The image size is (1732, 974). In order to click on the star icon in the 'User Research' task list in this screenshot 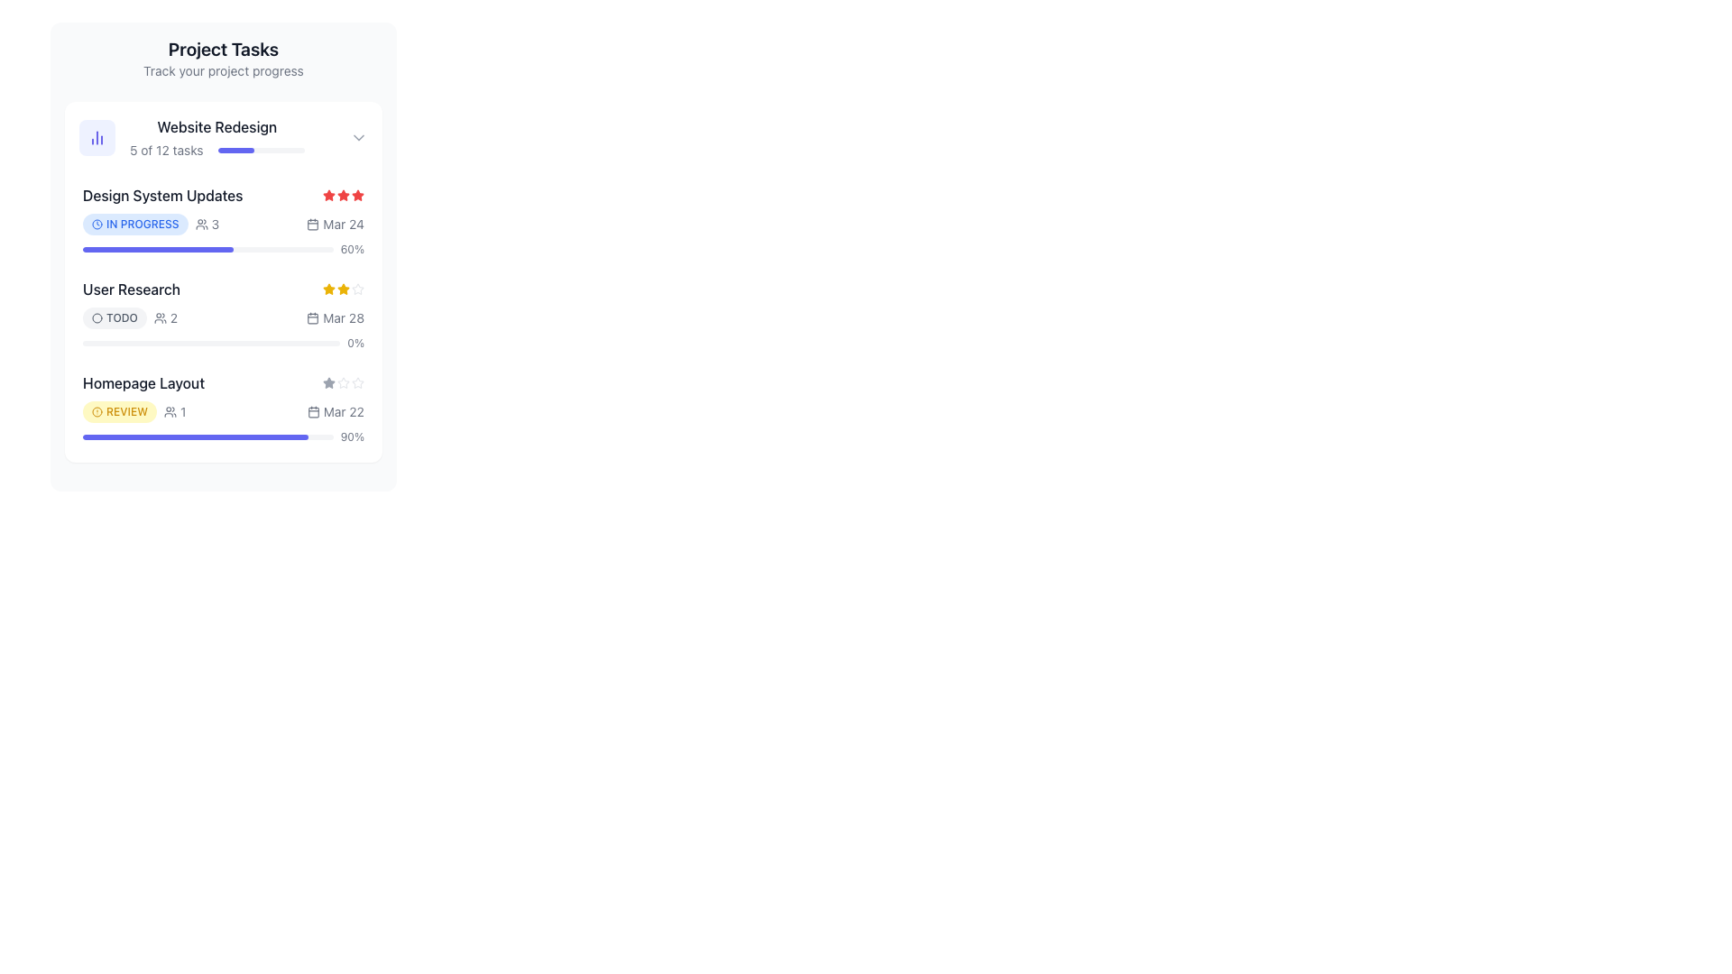, I will do `click(343, 288)`.